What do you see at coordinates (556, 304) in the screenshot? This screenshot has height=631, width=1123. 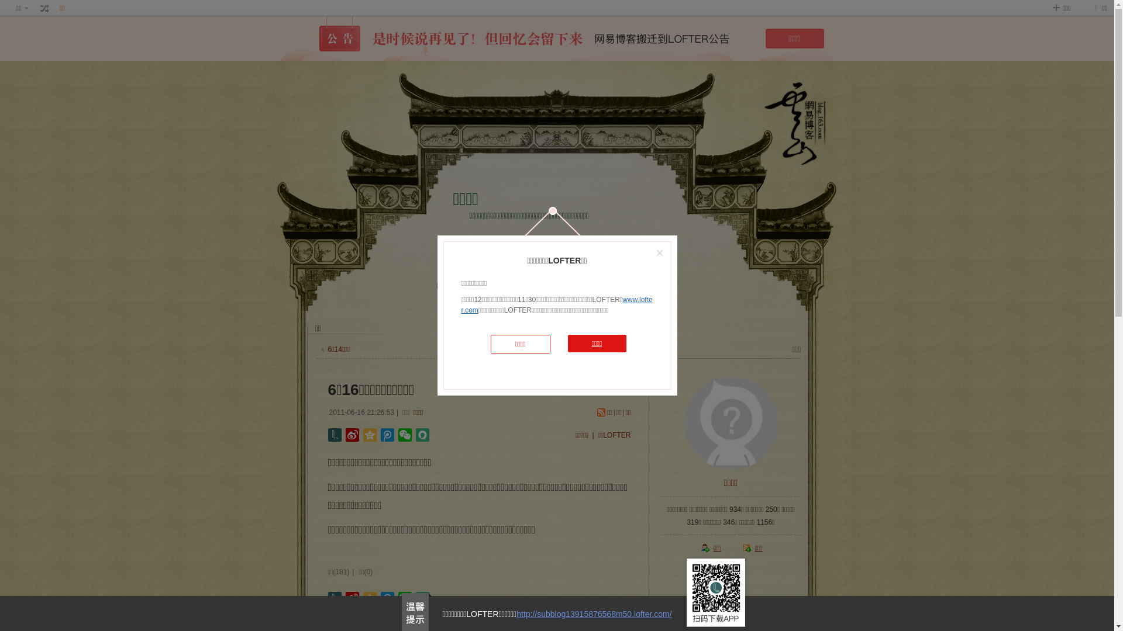 I see `'www.lofter.com'` at bounding box center [556, 304].